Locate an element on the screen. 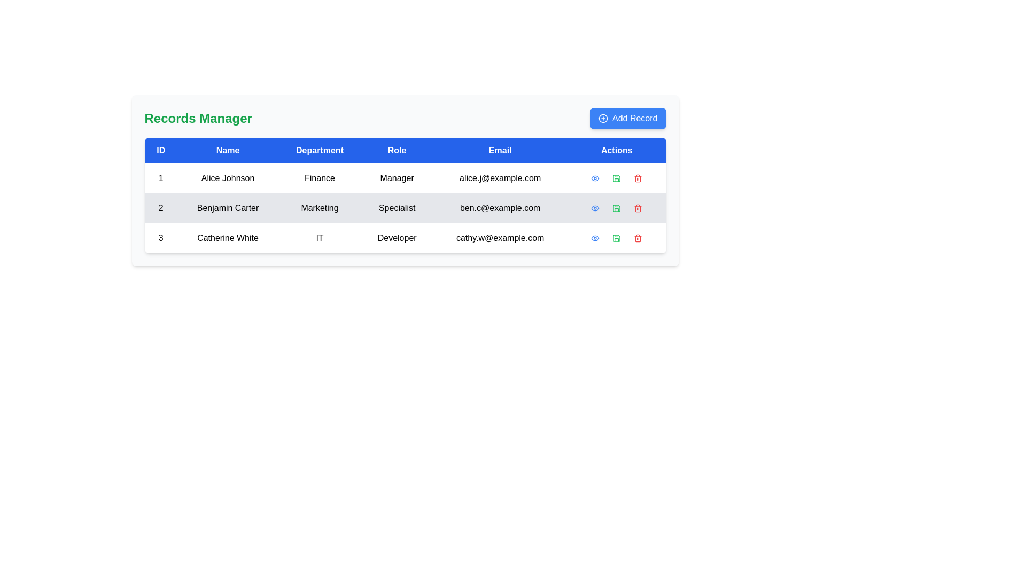 The image size is (1026, 577). the table cell displaying the department of the individual in the third row and third column, located between 'Catherine White' and 'Developer' is located at coordinates (319, 238).